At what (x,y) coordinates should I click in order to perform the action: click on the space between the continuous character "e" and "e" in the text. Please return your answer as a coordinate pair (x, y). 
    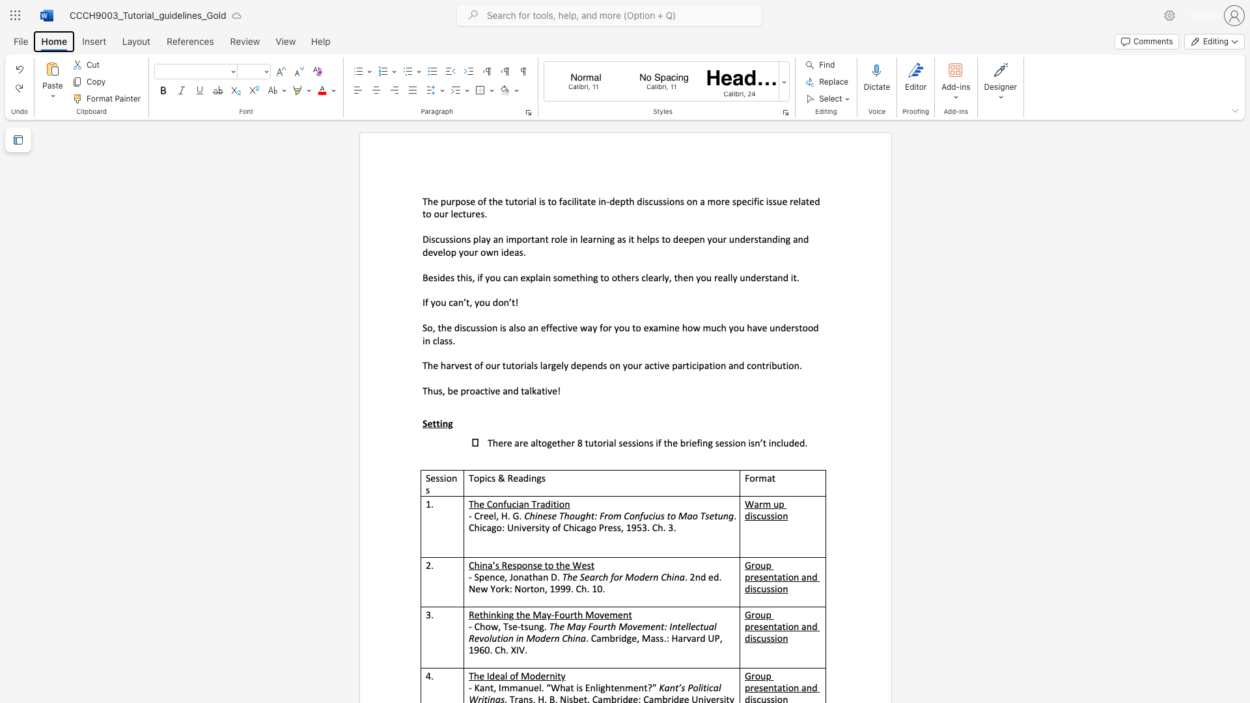
    Looking at the image, I should click on (683, 239).